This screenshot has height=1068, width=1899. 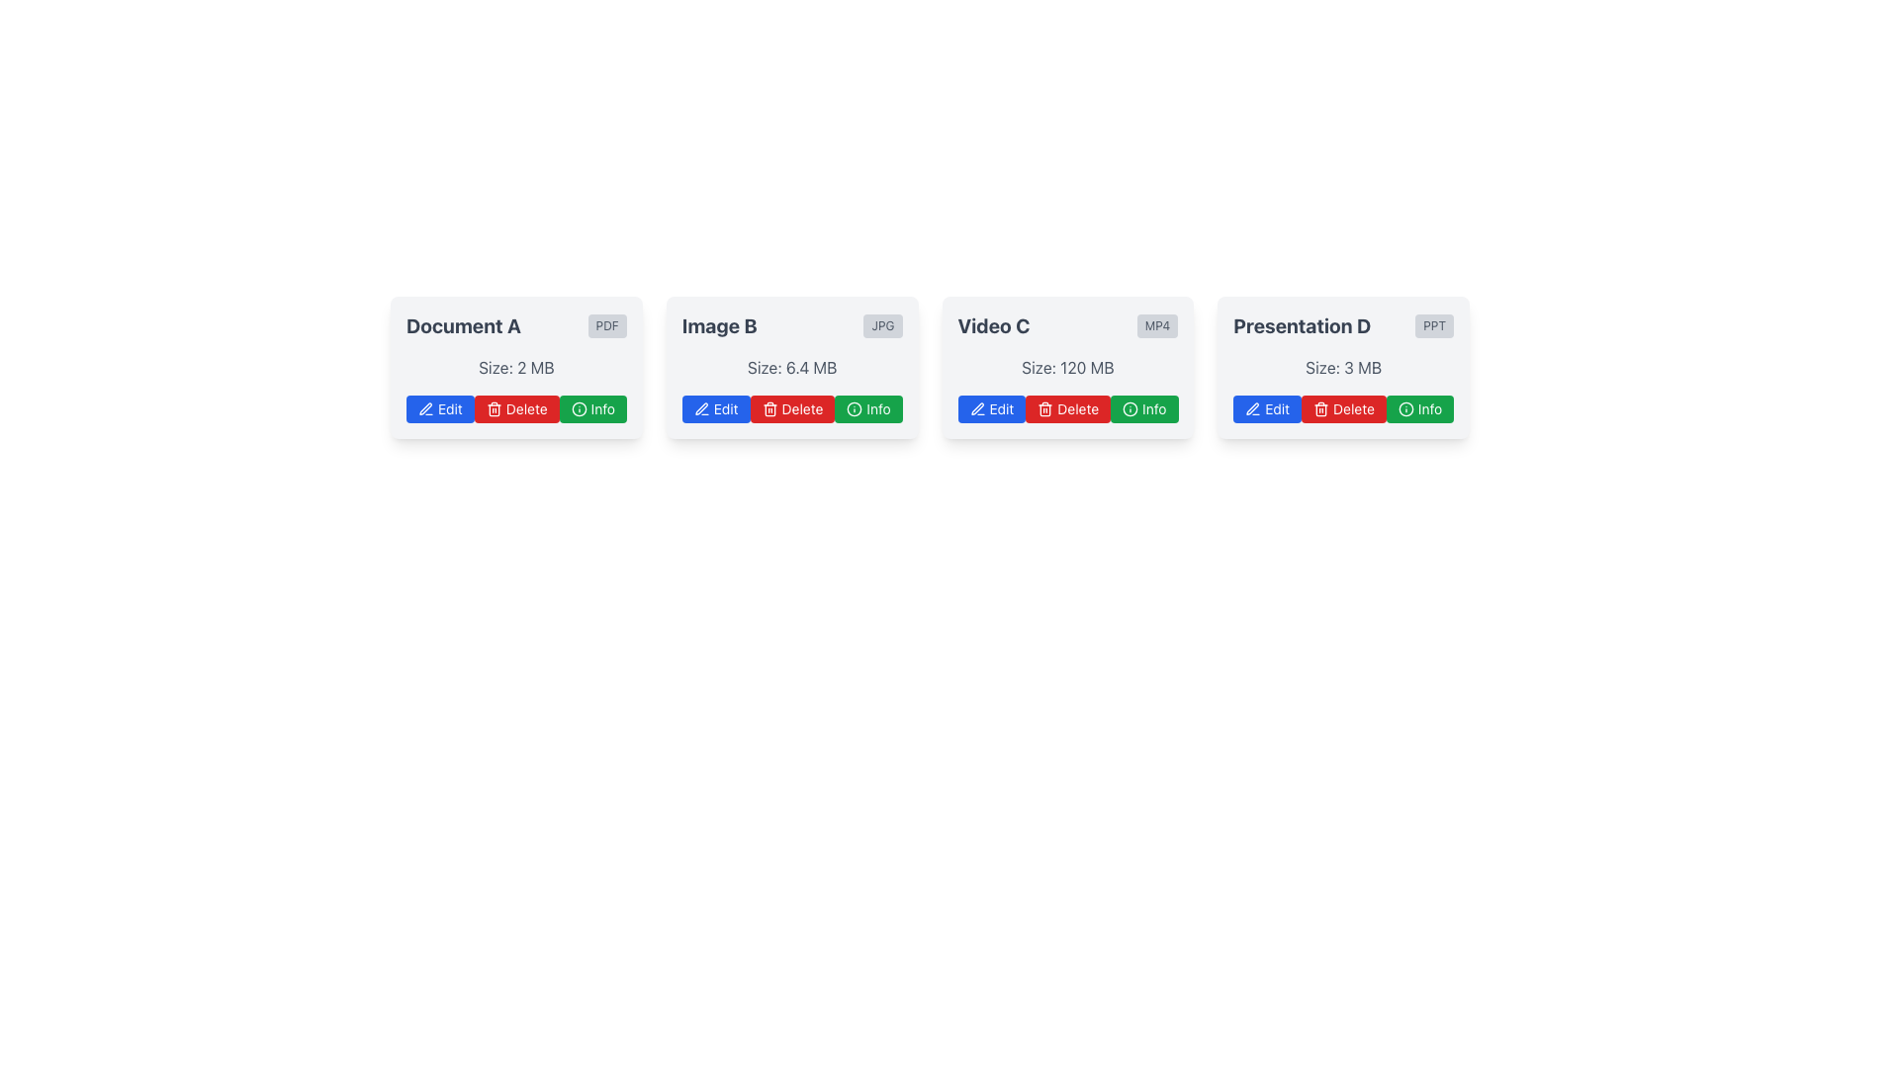 I want to click on the red 'Delete' button with rounded corners that shows a trash bin icon and white text to observe the hover effects, so click(x=1343, y=407).